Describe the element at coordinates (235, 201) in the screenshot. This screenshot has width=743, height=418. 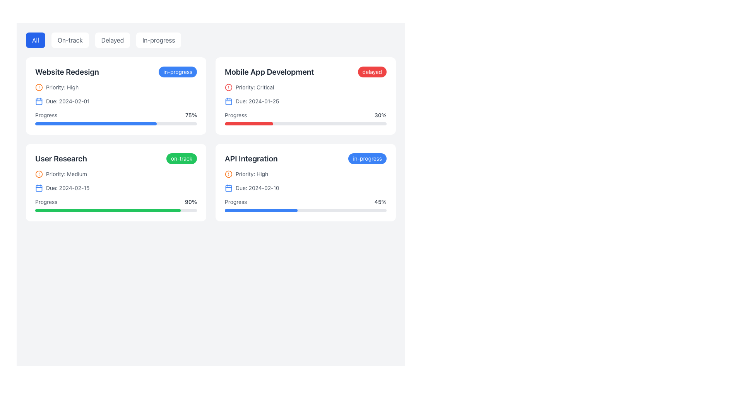
I see `the static text label that describes the associated progress percentage for the 'API Integration' task` at that location.